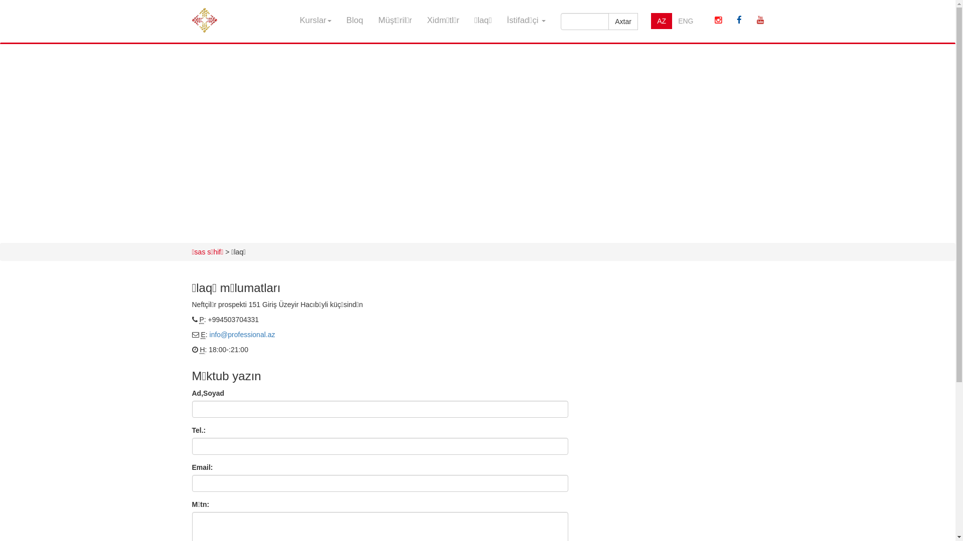 The height and width of the screenshot is (541, 963). Describe the element at coordinates (204, 13) in the screenshot. I see `'Professional IT'` at that location.